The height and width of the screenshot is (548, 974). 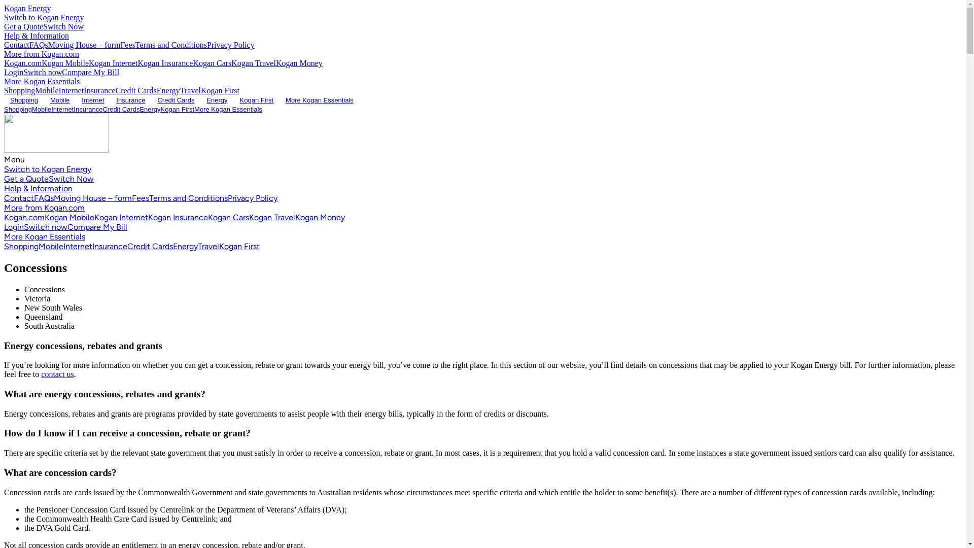 What do you see at coordinates (41, 109) in the screenshot?
I see `'Mobile'` at bounding box center [41, 109].